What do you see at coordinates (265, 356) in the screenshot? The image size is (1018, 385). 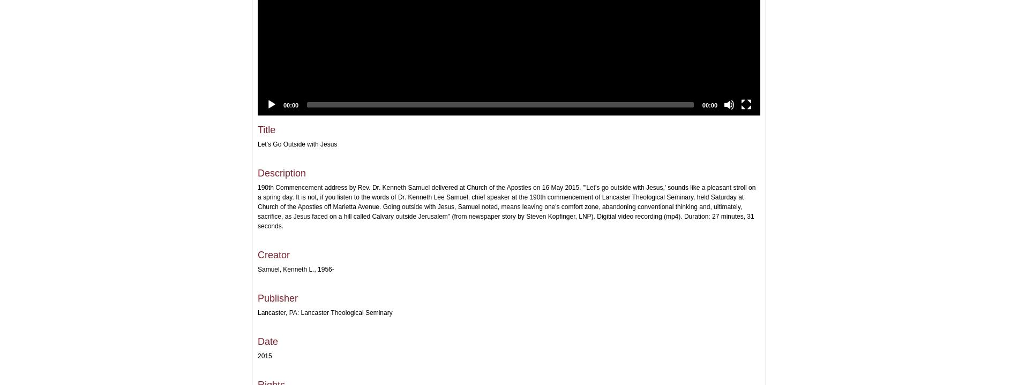 I see `'2015'` at bounding box center [265, 356].